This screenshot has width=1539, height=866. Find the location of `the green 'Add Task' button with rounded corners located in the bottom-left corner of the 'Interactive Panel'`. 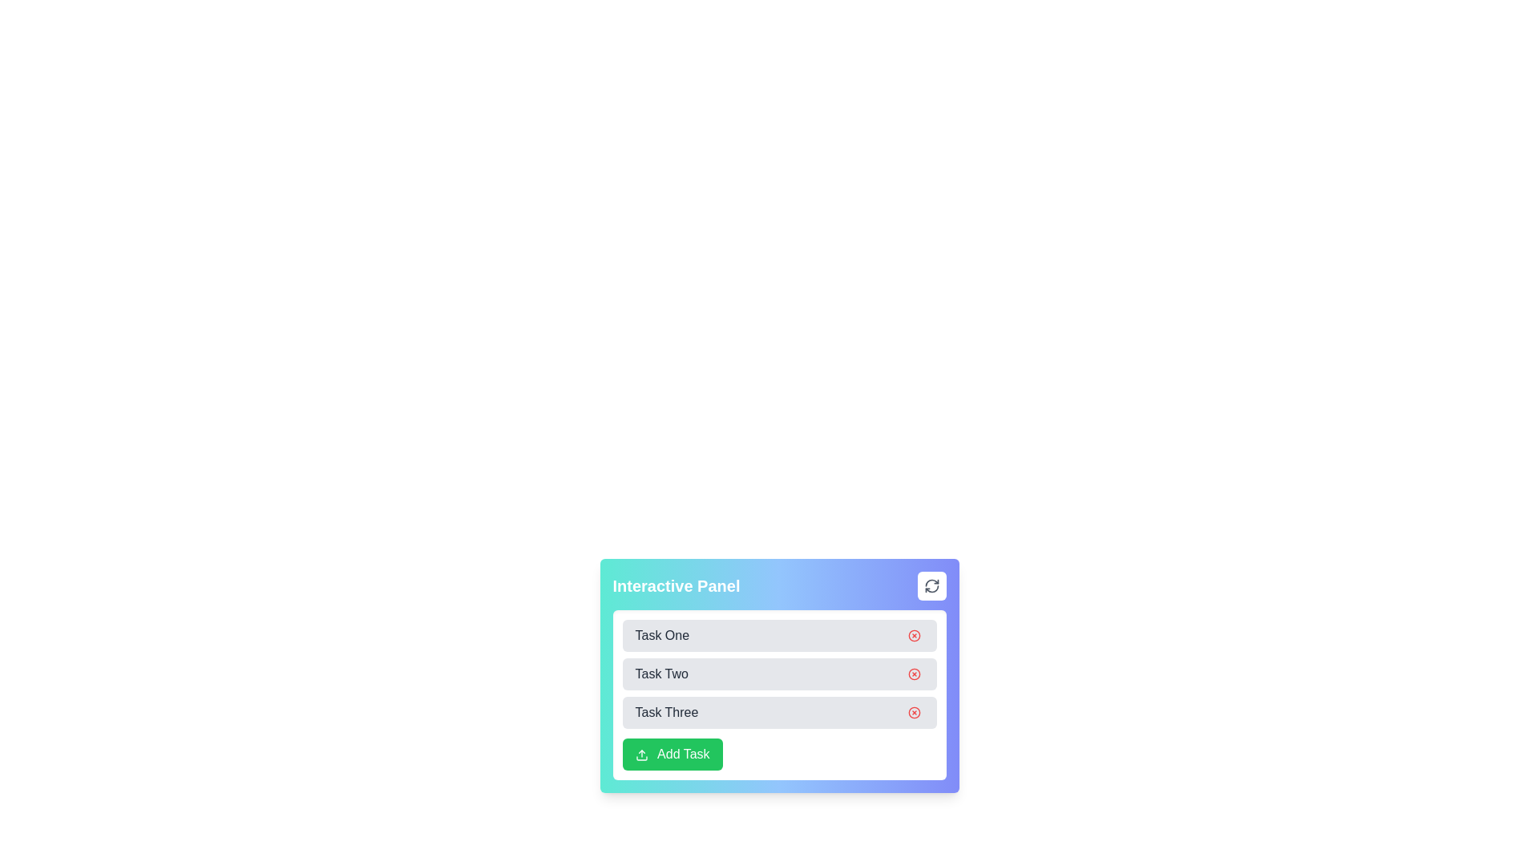

the green 'Add Task' button with rounded corners located in the bottom-left corner of the 'Interactive Panel' is located at coordinates (673, 755).